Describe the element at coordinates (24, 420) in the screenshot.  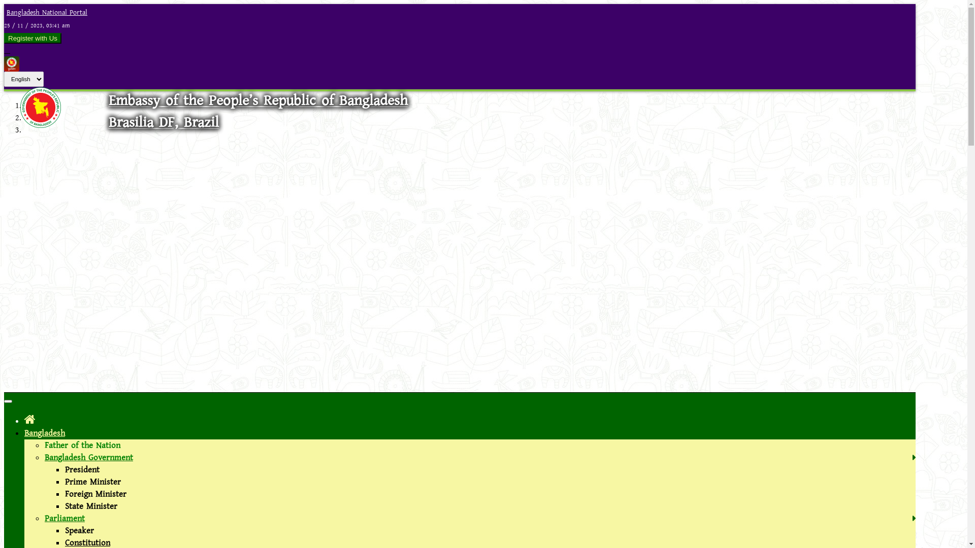
I see `'Home'` at that location.